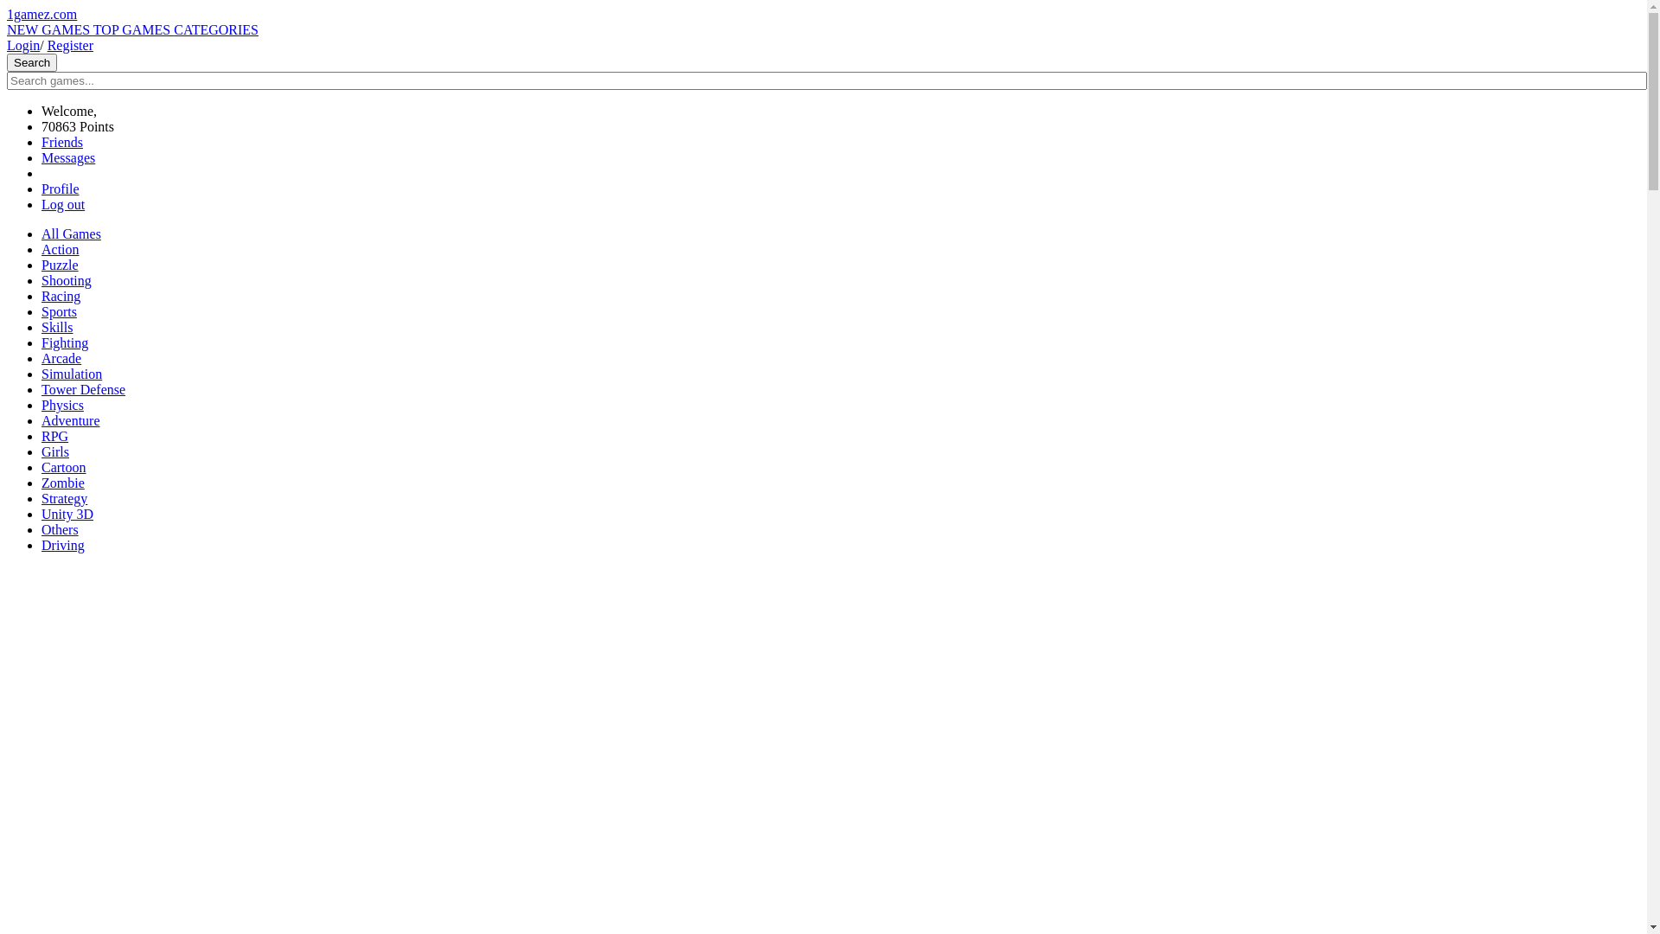  Describe the element at coordinates (41, 483) in the screenshot. I see `'Zombie'` at that location.